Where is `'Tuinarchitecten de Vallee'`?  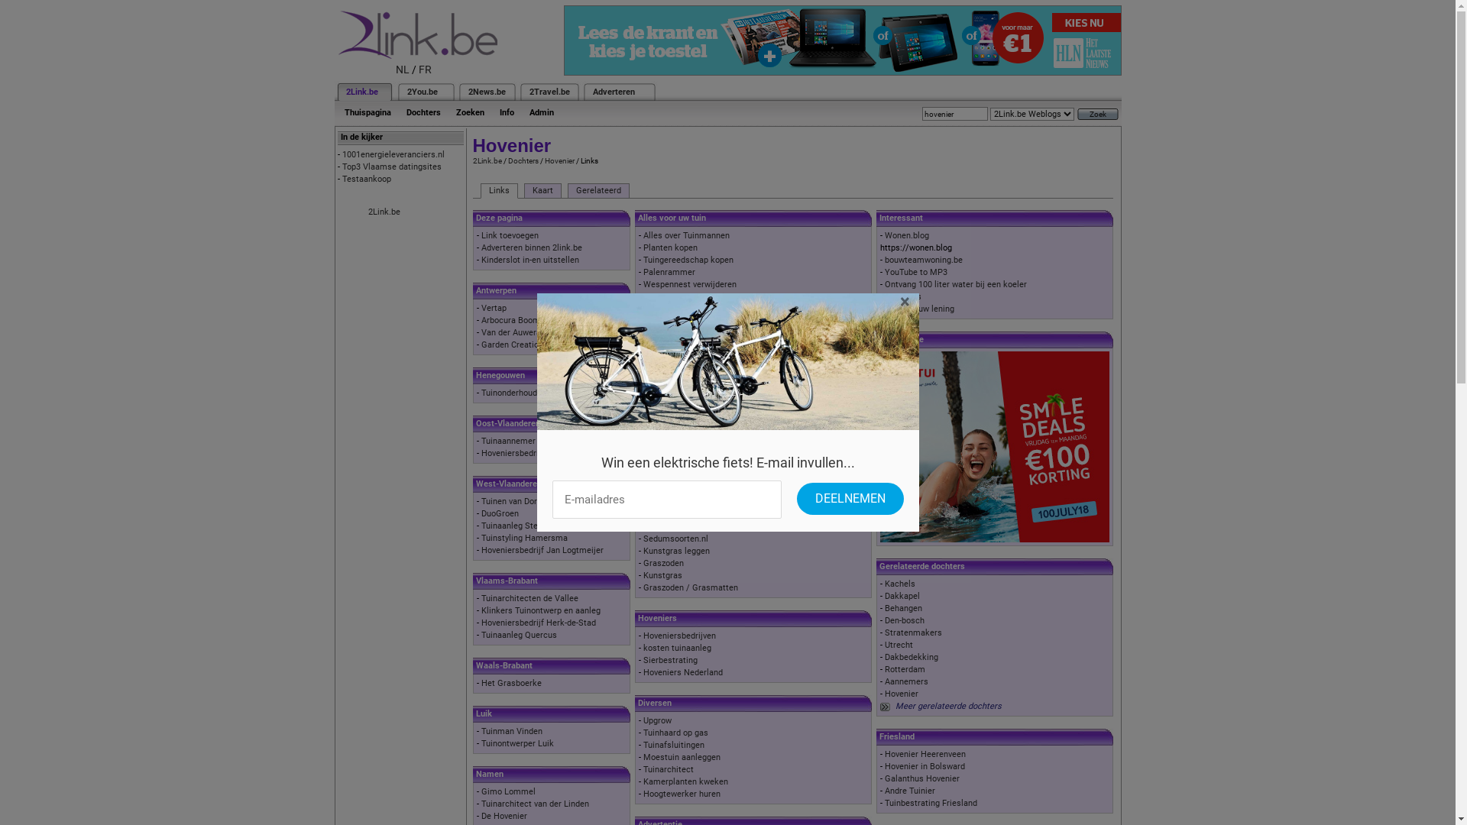 'Tuinarchitecten de Vallee' is located at coordinates (480, 597).